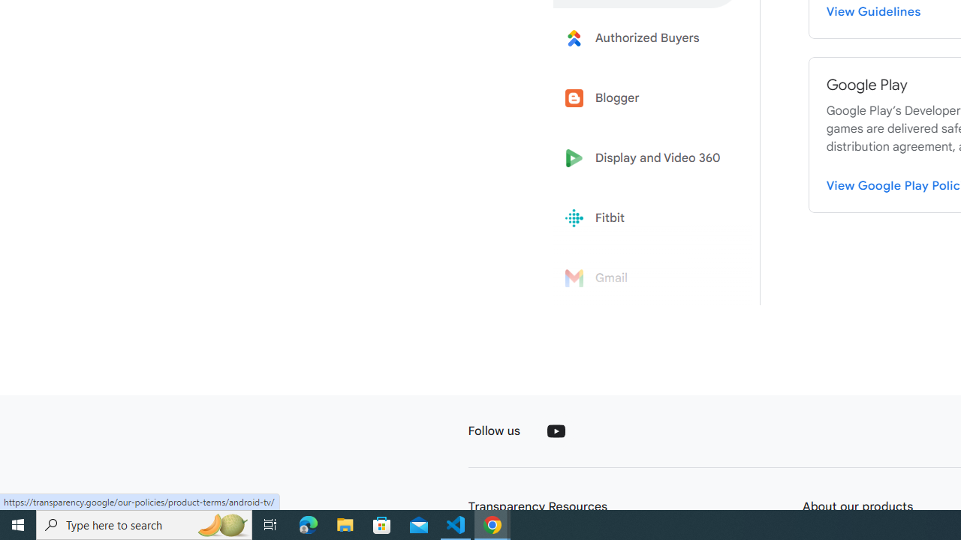 The height and width of the screenshot is (540, 961). Describe the element at coordinates (647, 278) in the screenshot. I see `'Gmail'` at that location.